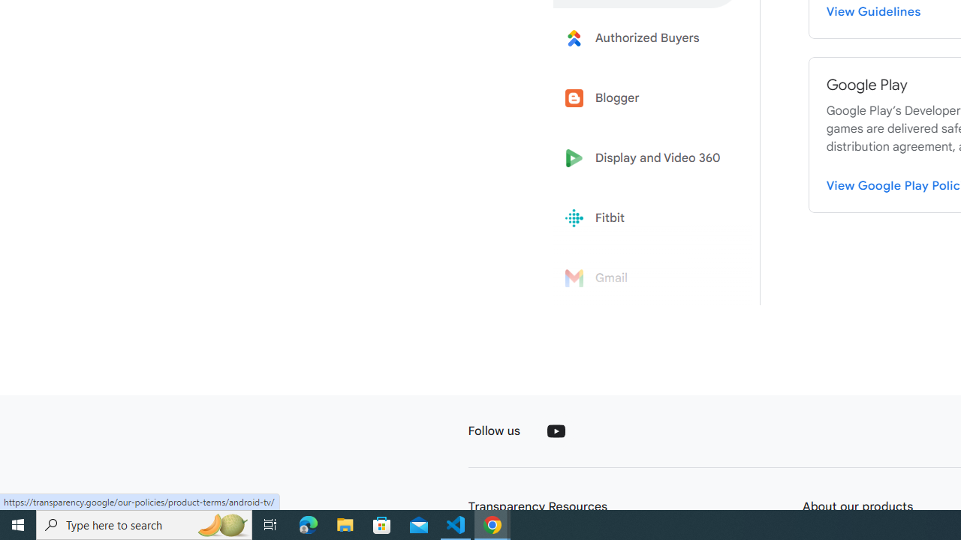 The height and width of the screenshot is (540, 961). Describe the element at coordinates (647, 278) in the screenshot. I see `'Gmail'` at that location.